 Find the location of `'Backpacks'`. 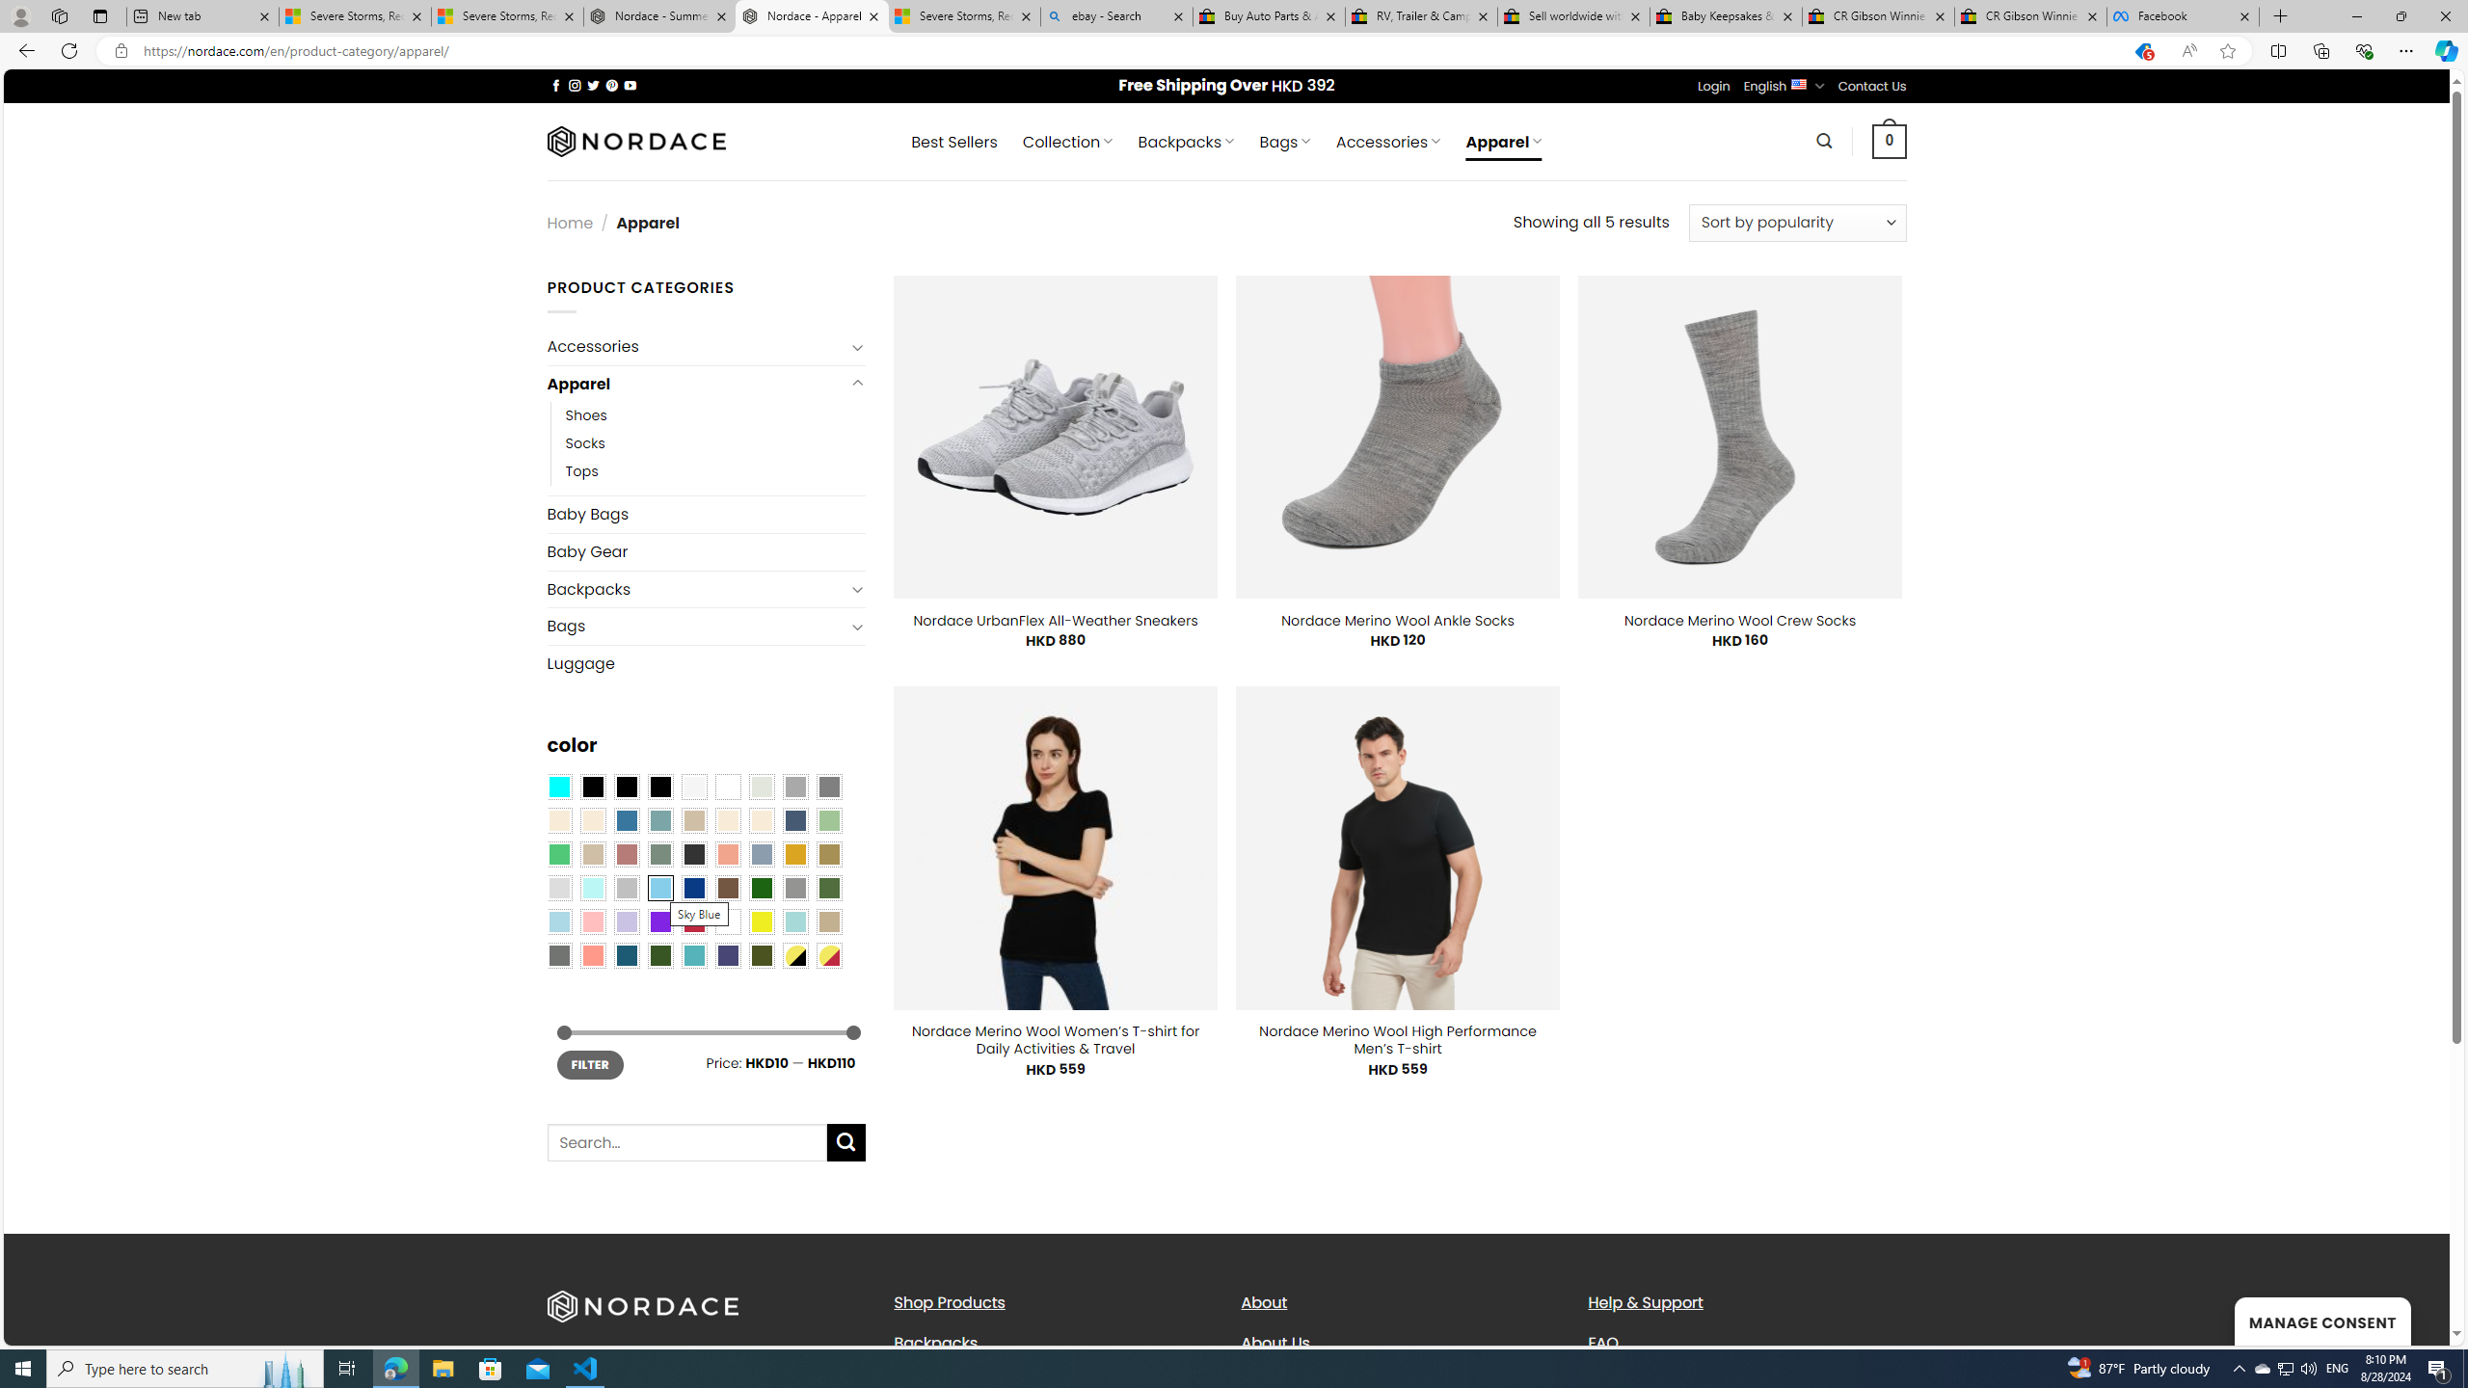

'Backpacks' is located at coordinates (1052, 1343).